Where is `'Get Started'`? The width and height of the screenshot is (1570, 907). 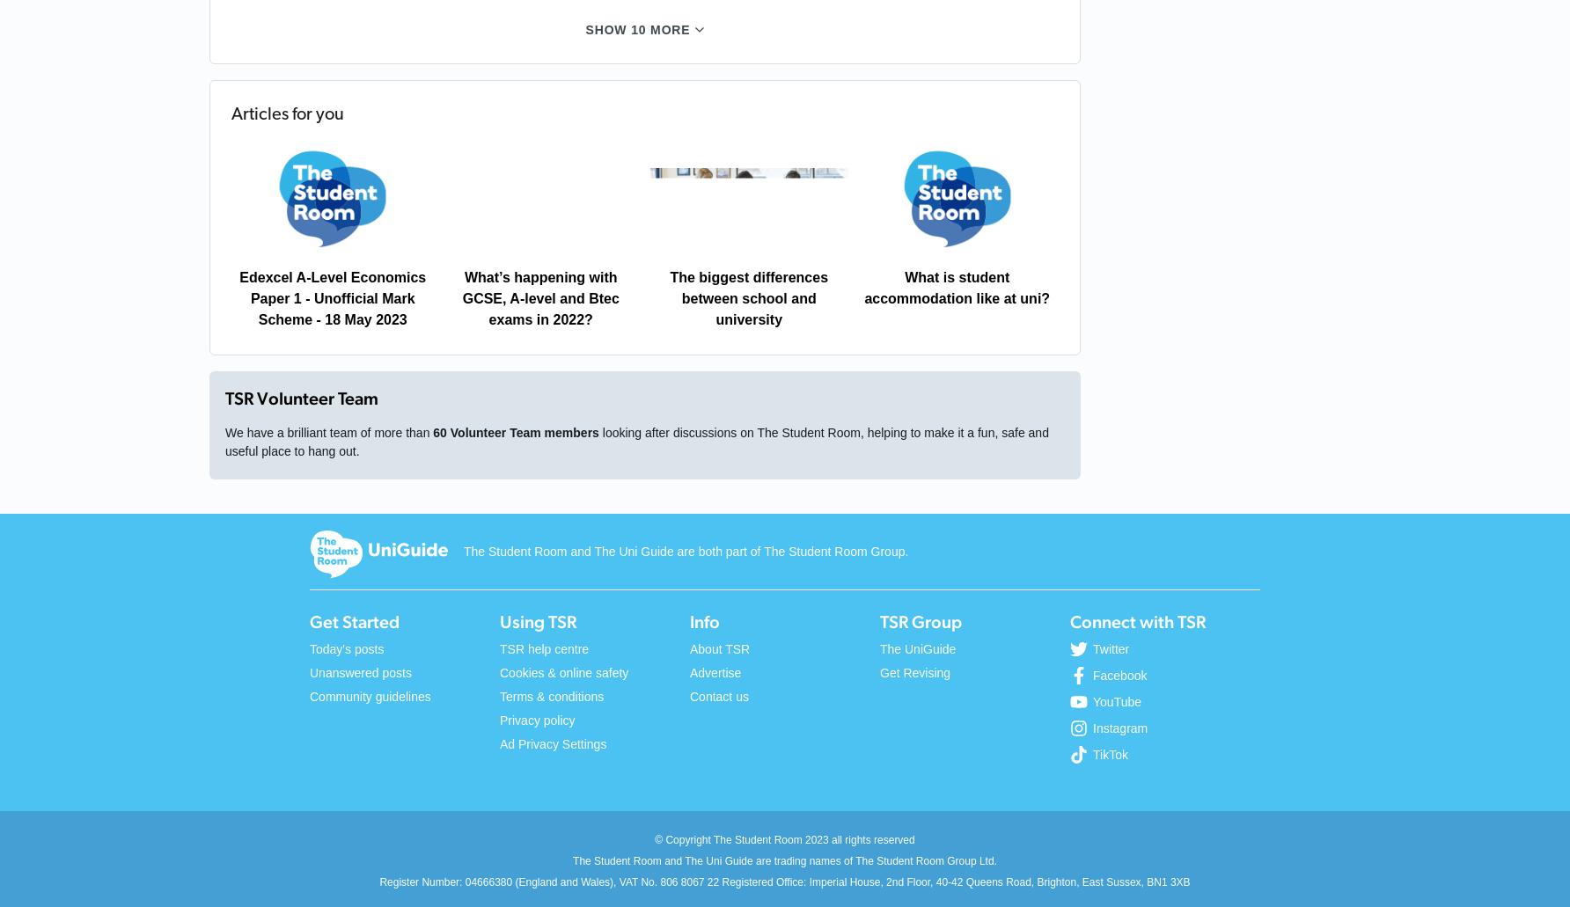 'Get Started' is located at coordinates (354, 621).